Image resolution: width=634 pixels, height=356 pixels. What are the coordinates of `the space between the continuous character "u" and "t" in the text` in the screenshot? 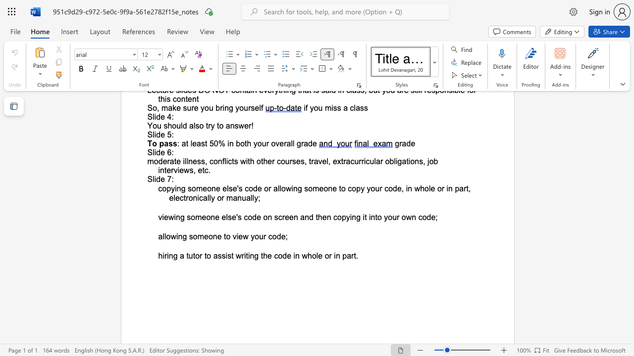 It's located at (192, 255).